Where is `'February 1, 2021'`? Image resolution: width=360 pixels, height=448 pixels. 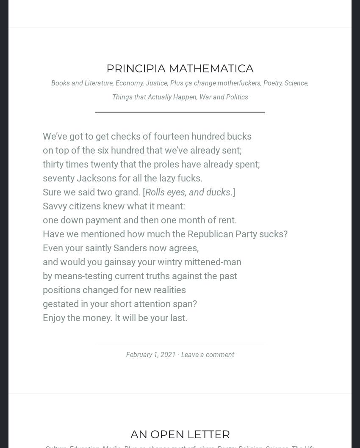 'February 1, 2021' is located at coordinates (150, 354).